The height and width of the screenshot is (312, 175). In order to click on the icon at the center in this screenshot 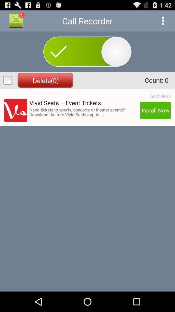, I will do `click(84, 112)`.